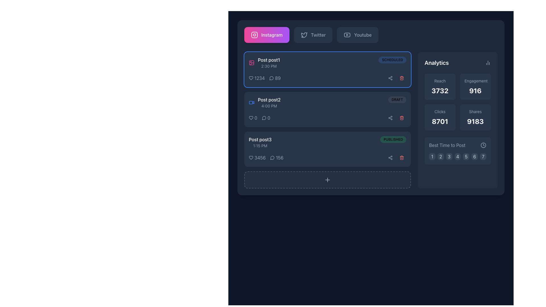  Describe the element at coordinates (483, 157) in the screenshot. I see `the button representing the number '7' in the 'Best Time to Post' section to trigger hover effects` at that location.